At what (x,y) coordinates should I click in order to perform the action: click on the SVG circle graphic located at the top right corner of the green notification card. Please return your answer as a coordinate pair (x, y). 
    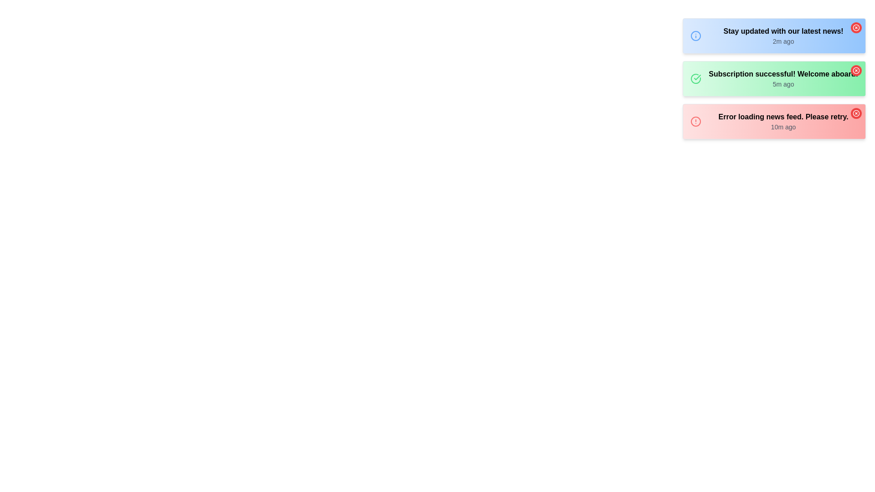
    Looking at the image, I should click on (855, 27).